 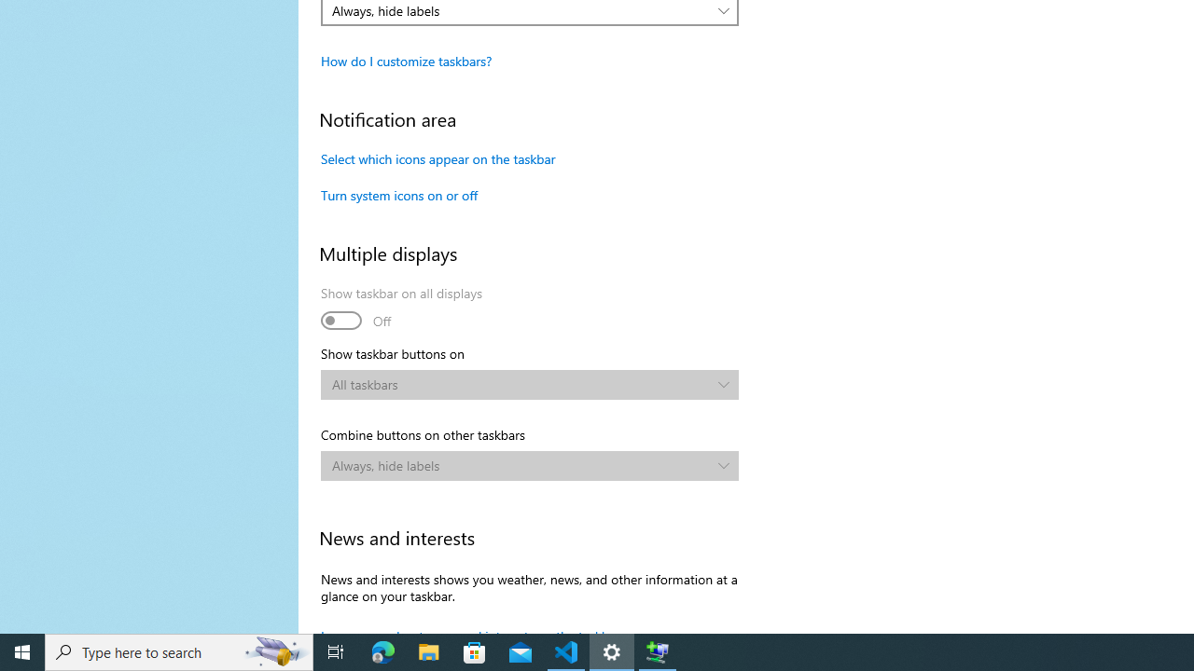 I want to click on 'All taskbars', so click(x=521, y=383).